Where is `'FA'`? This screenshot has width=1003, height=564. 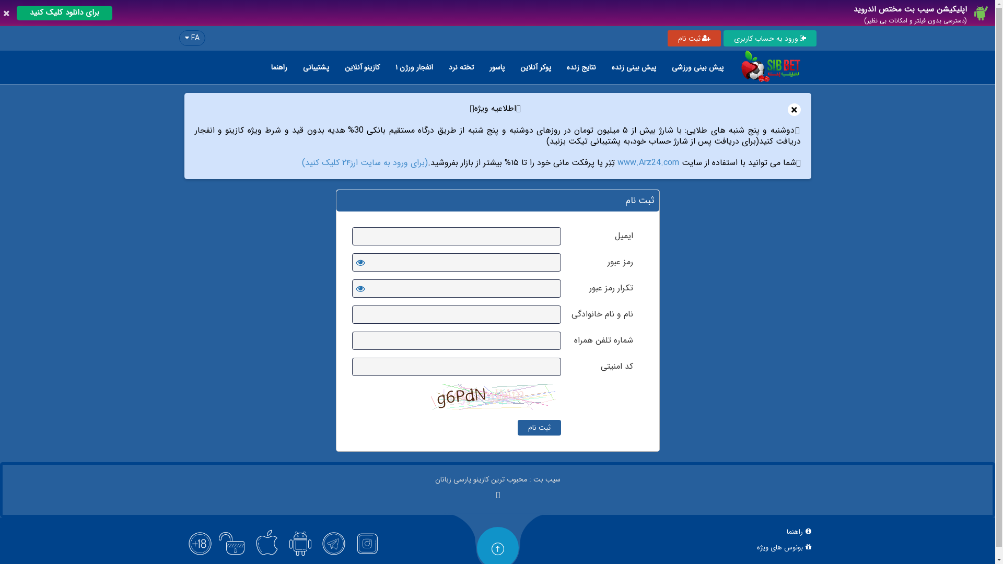 'FA' is located at coordinates (191, 38).